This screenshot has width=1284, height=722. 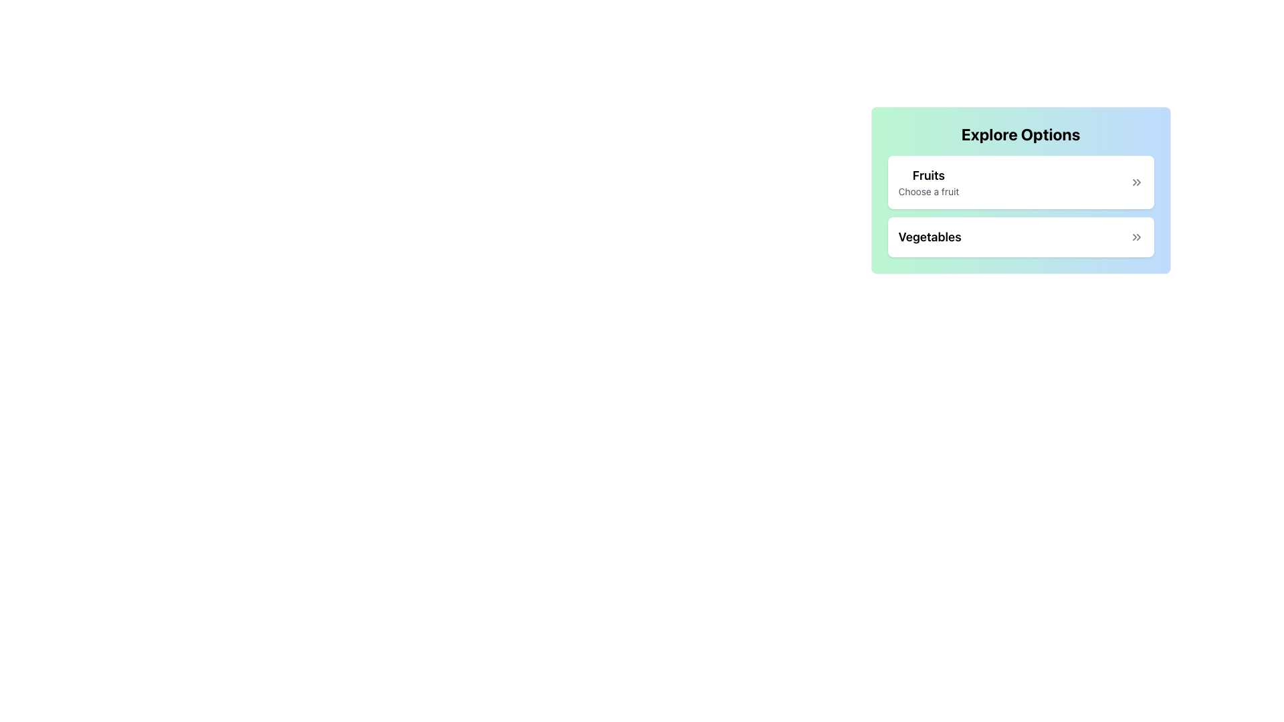 I want to click on the text label that reads 'Choose a fruit', which is positioned directly below the 'Fruits' heading in the 'Explore Options' card, so click(x=928, y=191).